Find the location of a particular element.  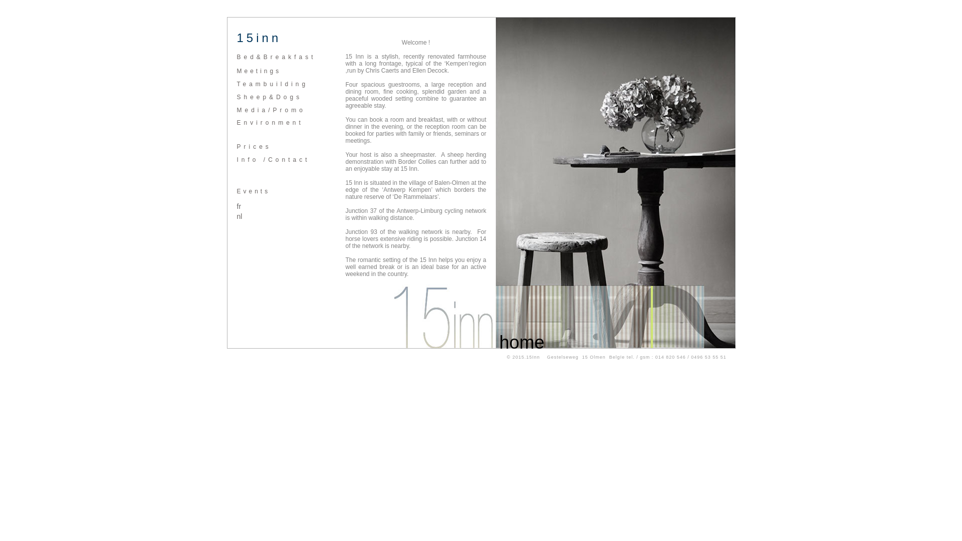

'Sheep&Dogs' is located at coordinates (269, 97).